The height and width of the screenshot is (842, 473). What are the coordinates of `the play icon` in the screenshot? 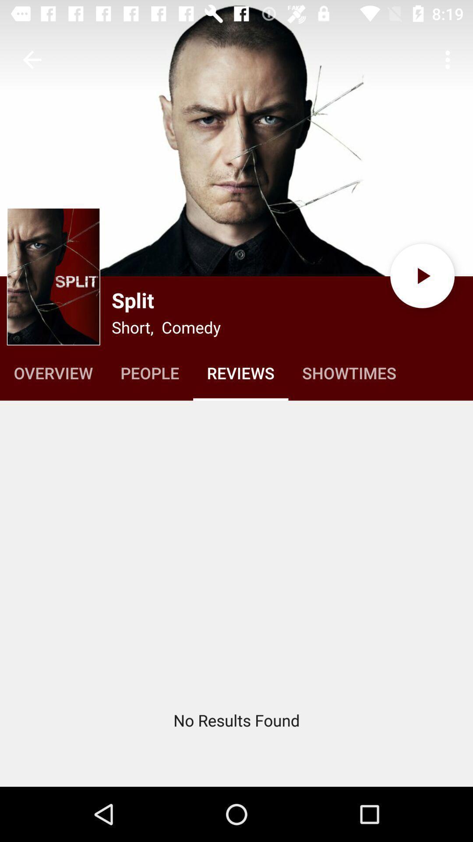 It's located at (422, 275).